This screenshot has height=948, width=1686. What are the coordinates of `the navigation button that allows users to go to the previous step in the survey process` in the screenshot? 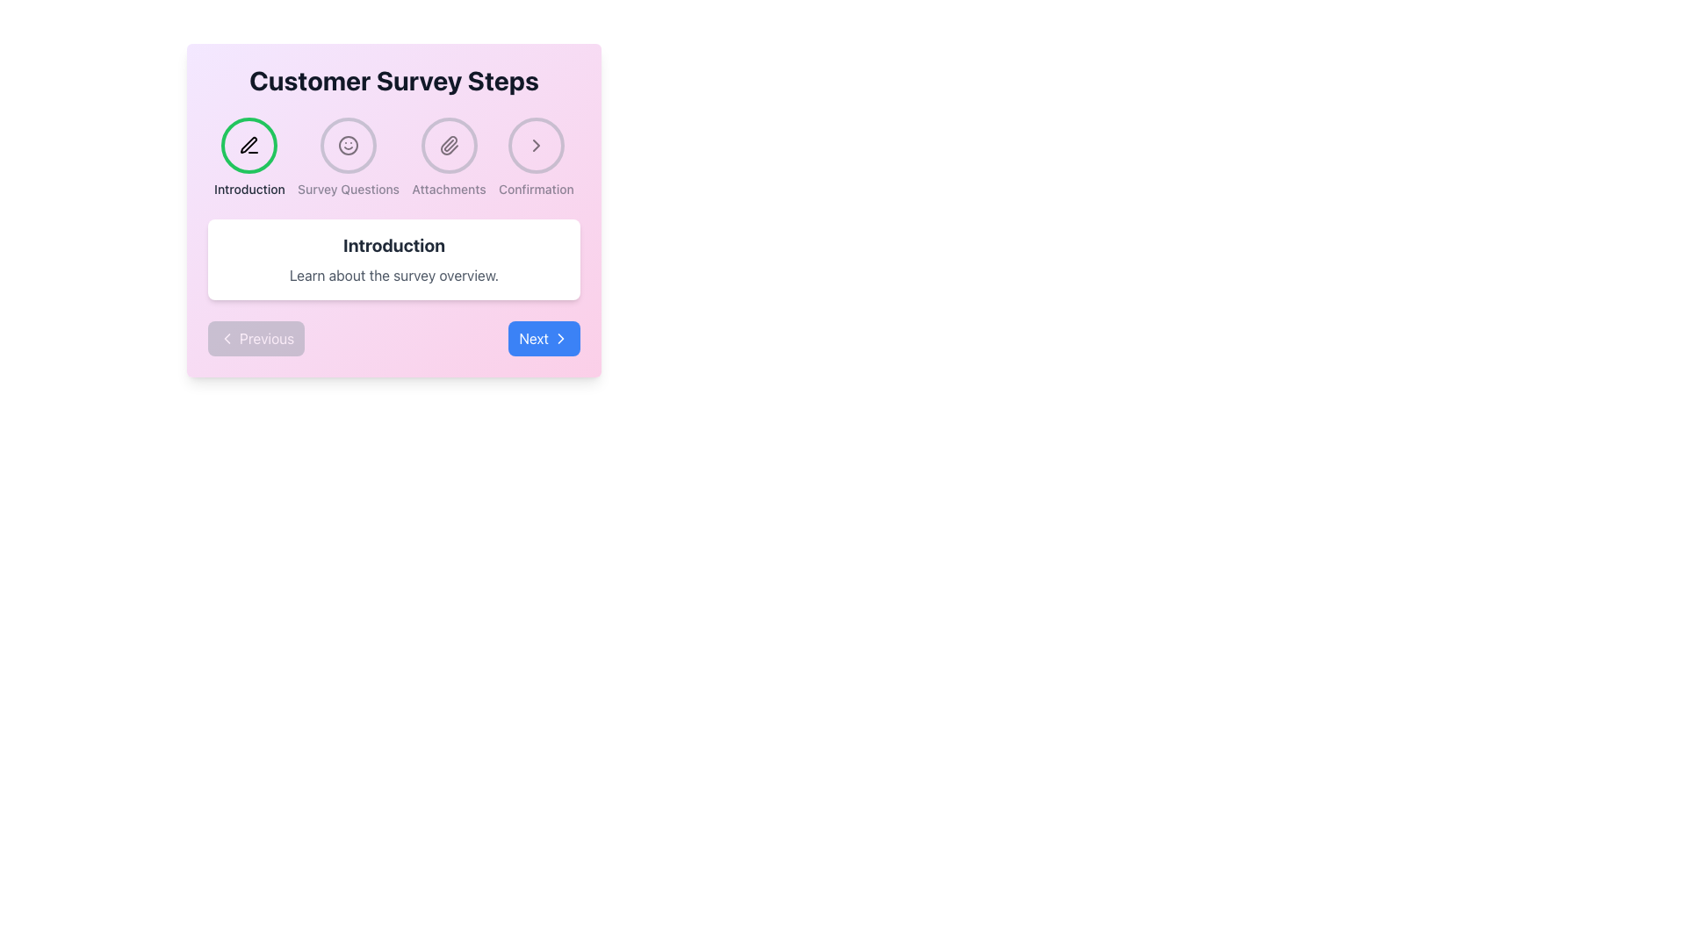 It's located at (256, 338).